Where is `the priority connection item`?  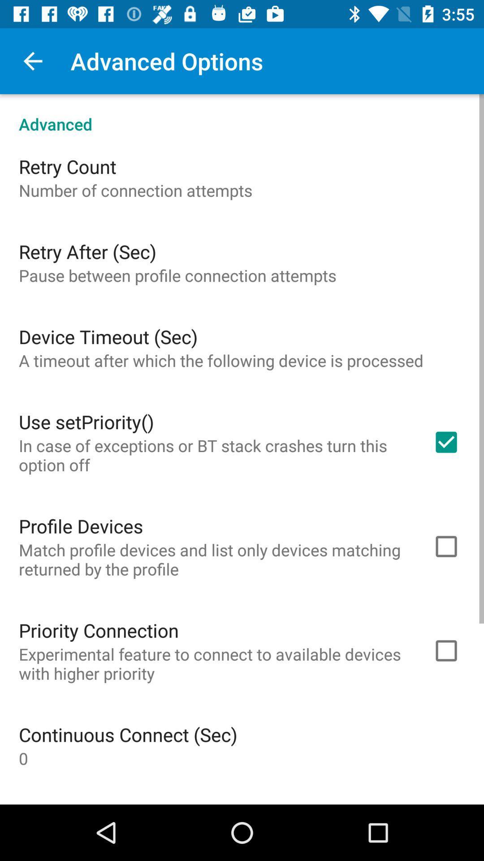
the priority connection item is located at coordinates (99, 630).